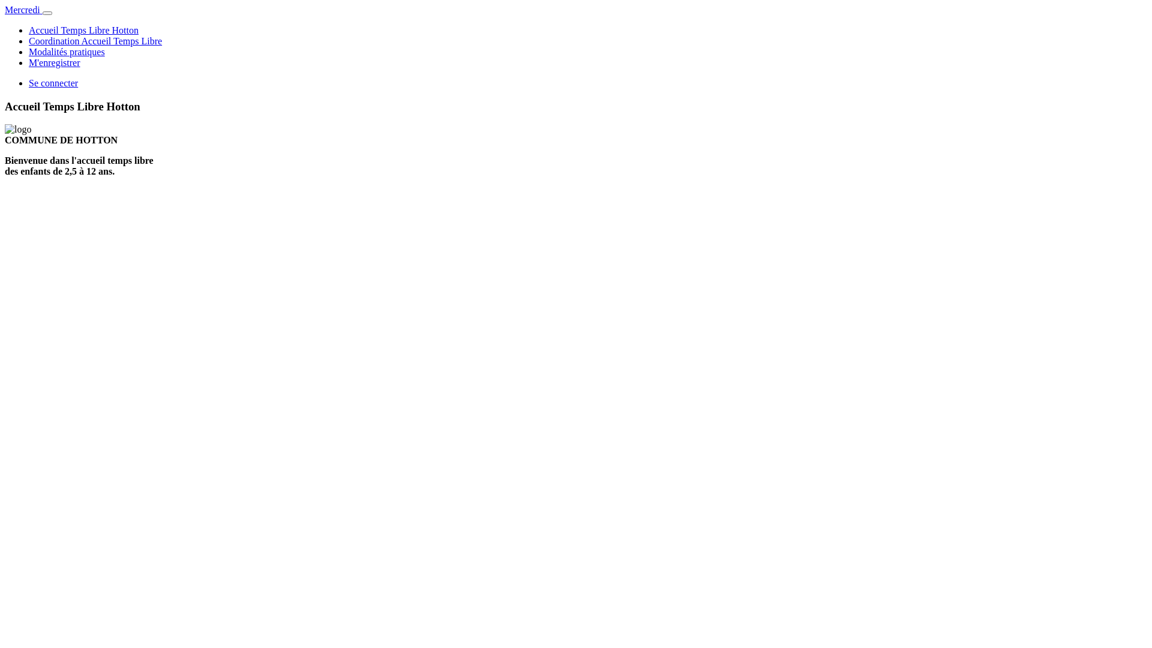 The height and width of the screenshot is (648, 1152). Describe the element at coordinates (83, 29) in the screenshot. I see `'Accueil Temps Libre Hotton'` at that location.